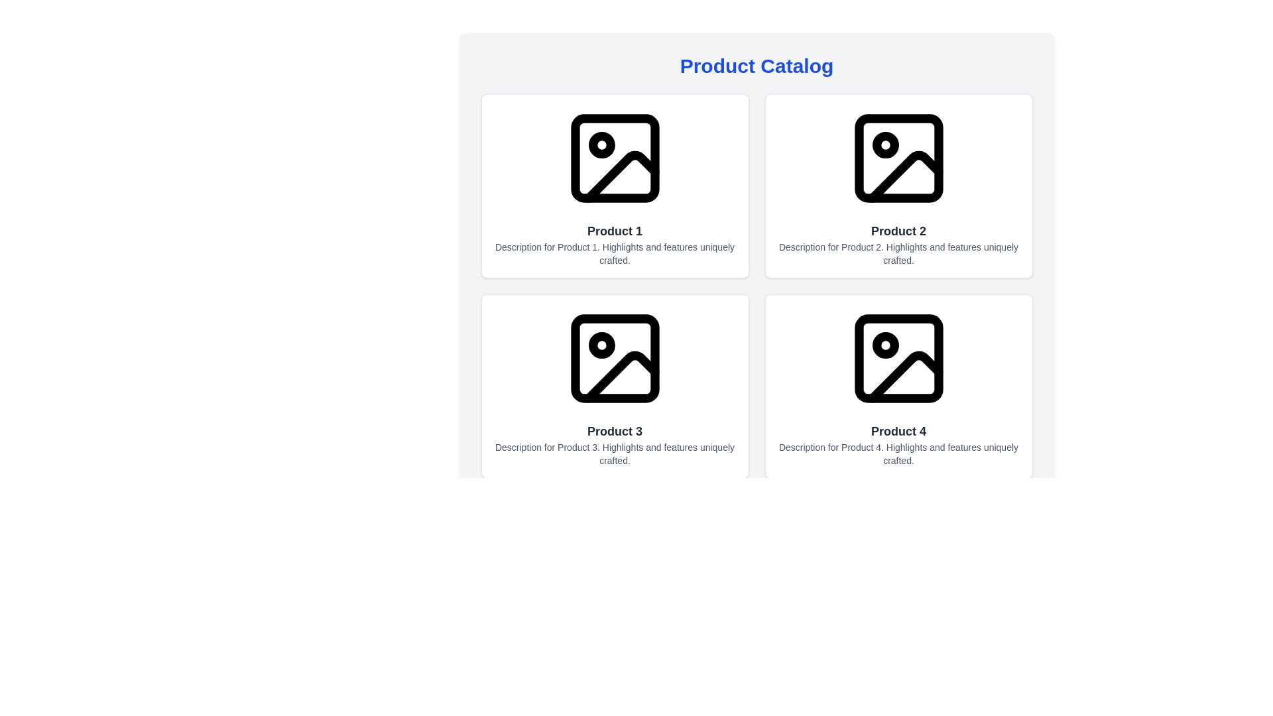 Image resolution: width=1273 pixels, height=716 pixels. What do you see at coordinates (601, 344) in the screenshot?
I see `the small circular shape located within the image icon of the Product 3 card in the top-left corner of the picture frame icon` at bounding box center [601, 344].